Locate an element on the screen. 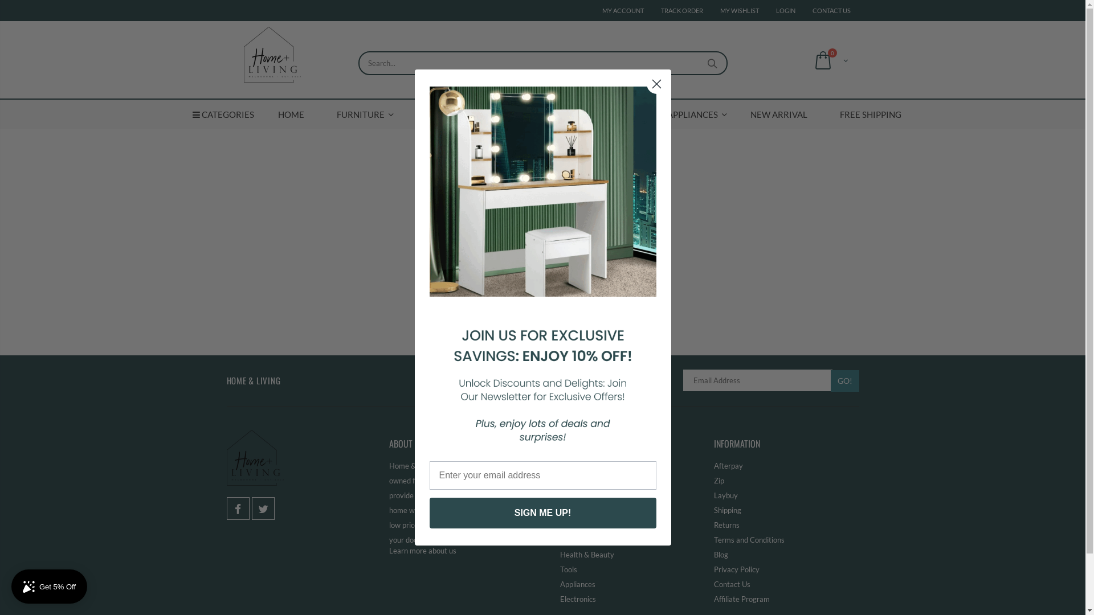  'Go!' is located at coordinates (845, 380).